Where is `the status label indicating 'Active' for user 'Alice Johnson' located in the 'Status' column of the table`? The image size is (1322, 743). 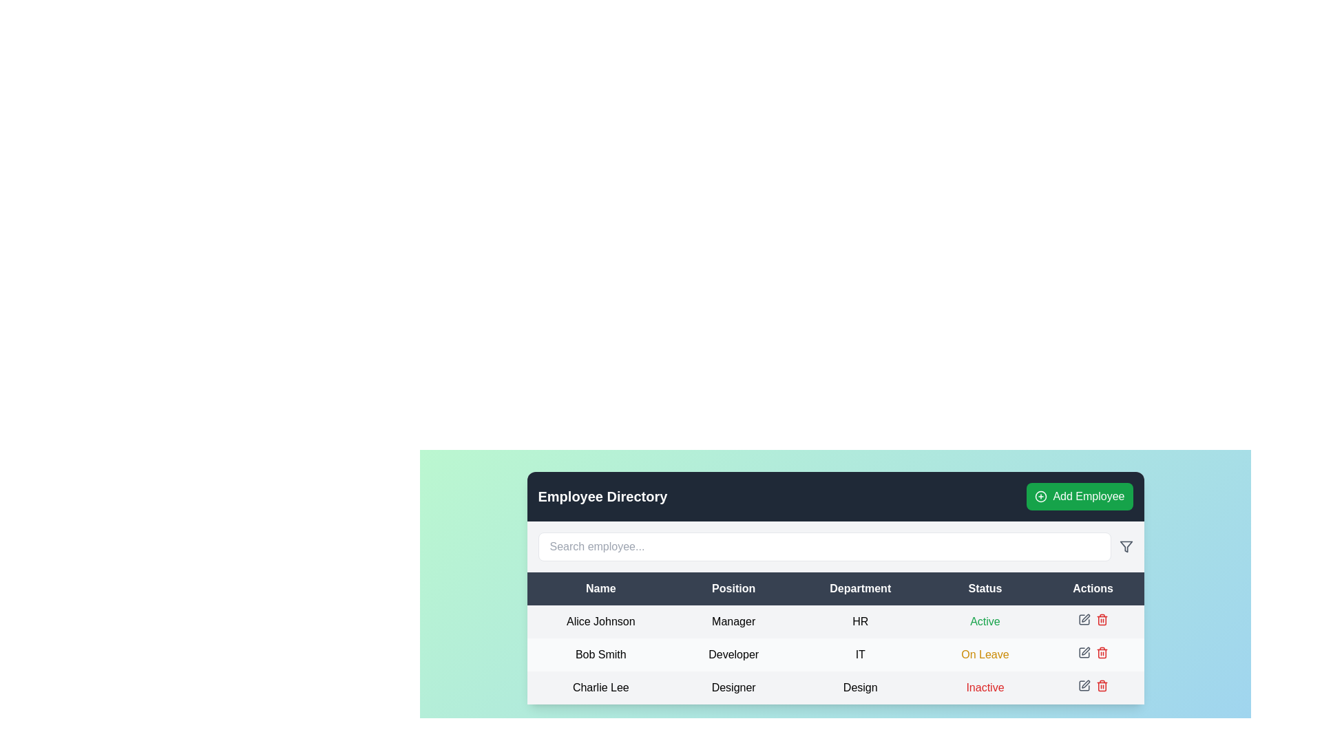
the status label indicating 'Active' for user 'Alice Johnson' located in the 'Status' column of the table is located at coordinates (984, 621).